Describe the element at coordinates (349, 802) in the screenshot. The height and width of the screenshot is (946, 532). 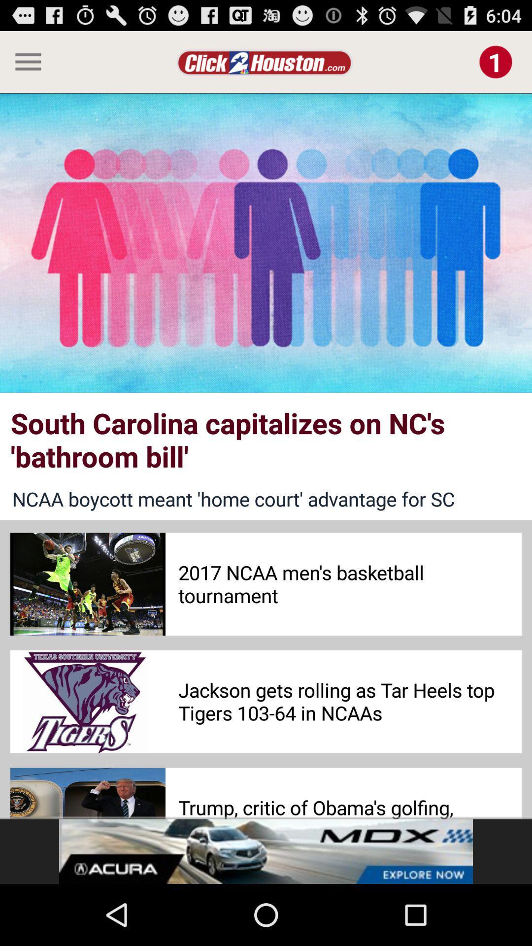
I see `1 line text above acura` at that location.